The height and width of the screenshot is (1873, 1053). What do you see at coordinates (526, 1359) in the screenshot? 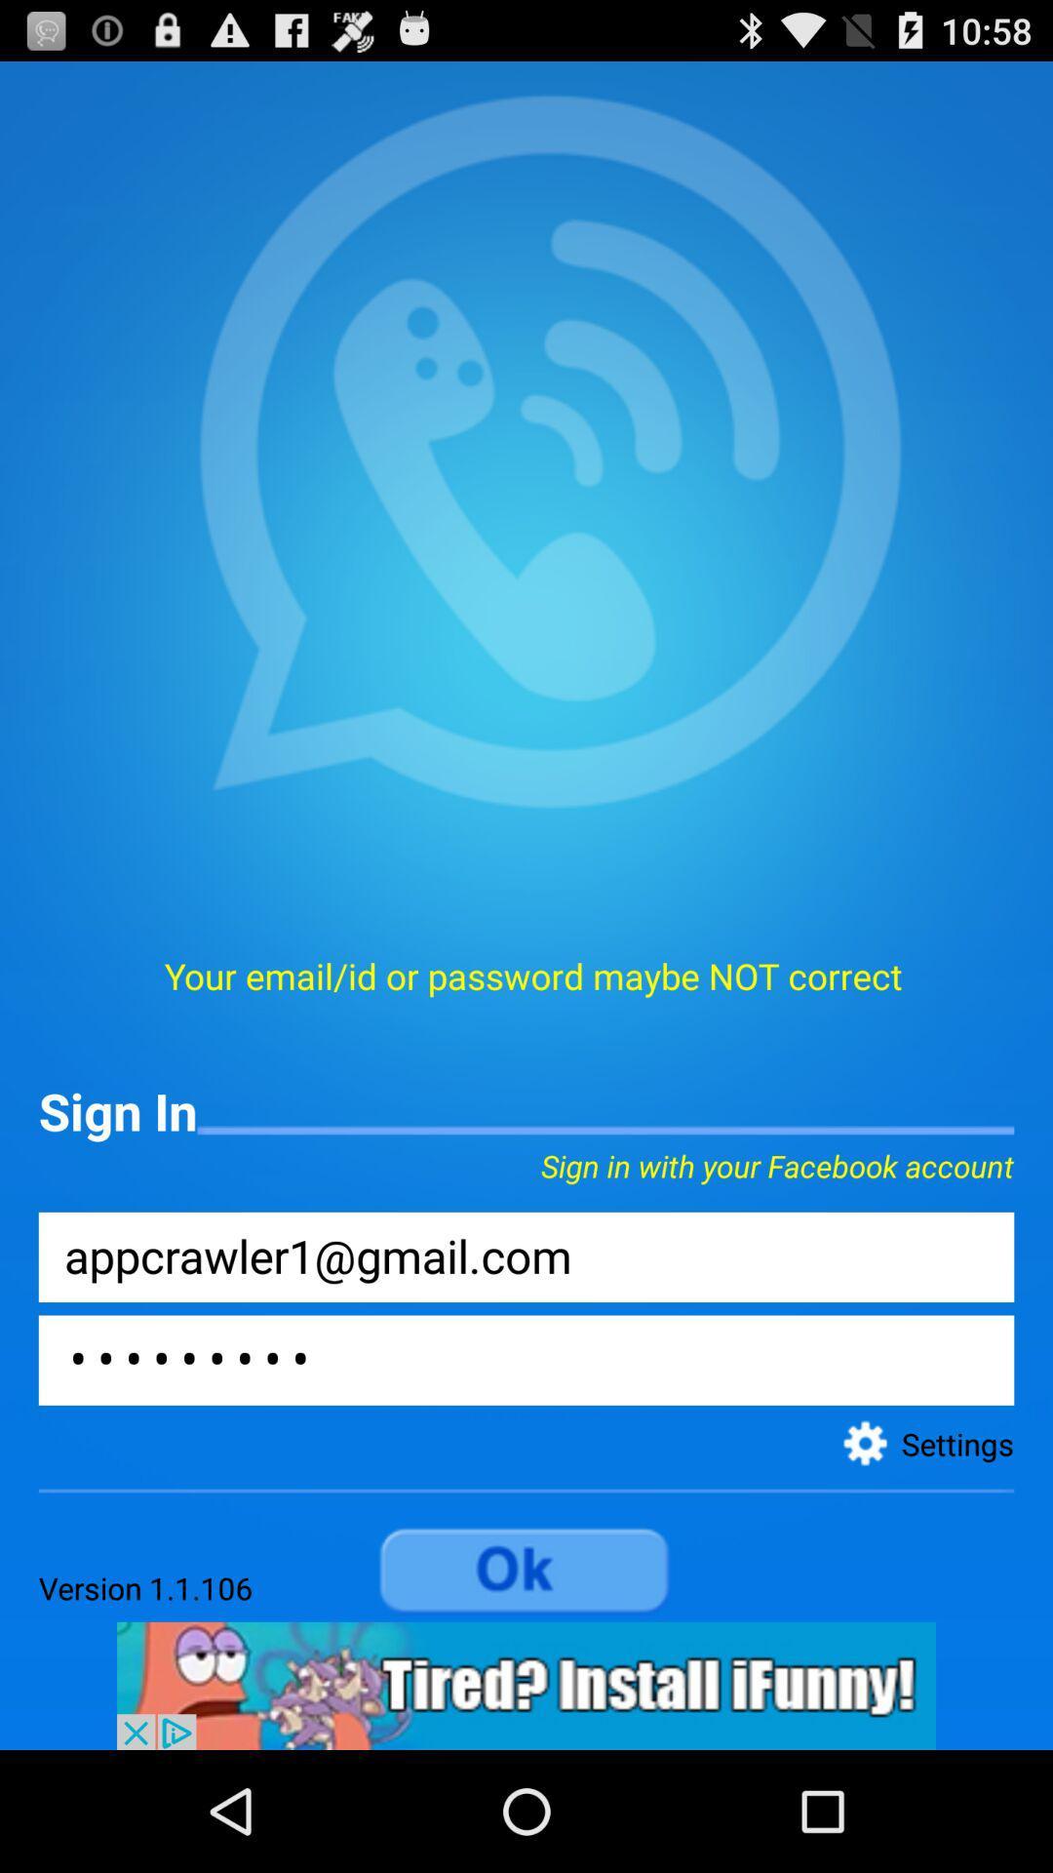
I see `password box` at bounding box center [526, 1359].